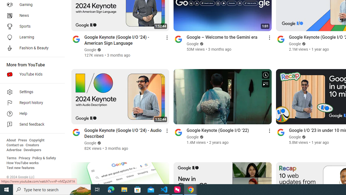 This screenshot has height=195, width=346. What do you see at coordinates (36, 140) in the screenshot?
I see `'Copyright'` at bounding box center [36, 140].